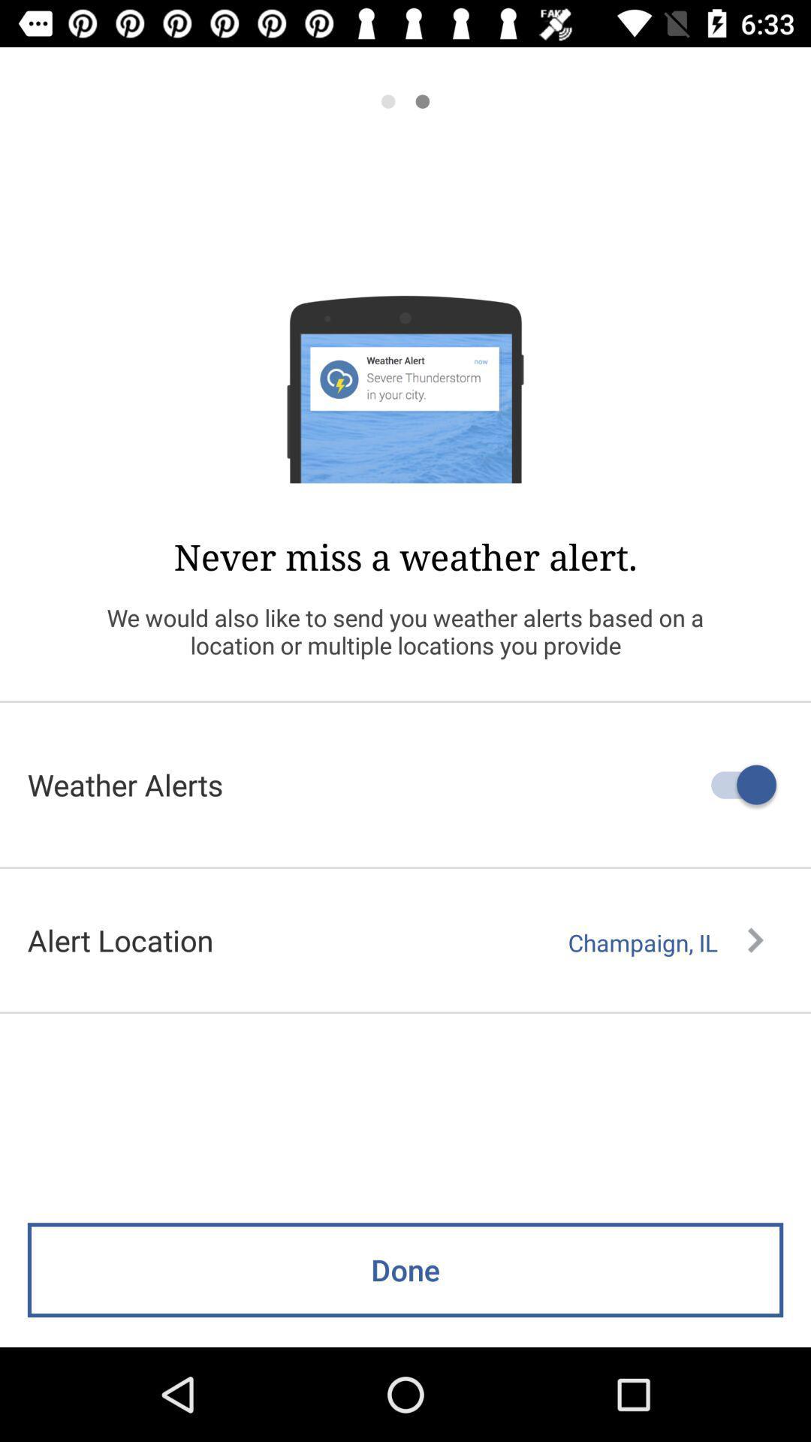 The image size is (811, 1442). I want to click on the champaign, il icon, so click(665, 942).